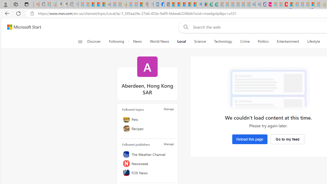  Describe the element at coordinates (159, 41) in the screenshot. I see `'World News'` at that location.